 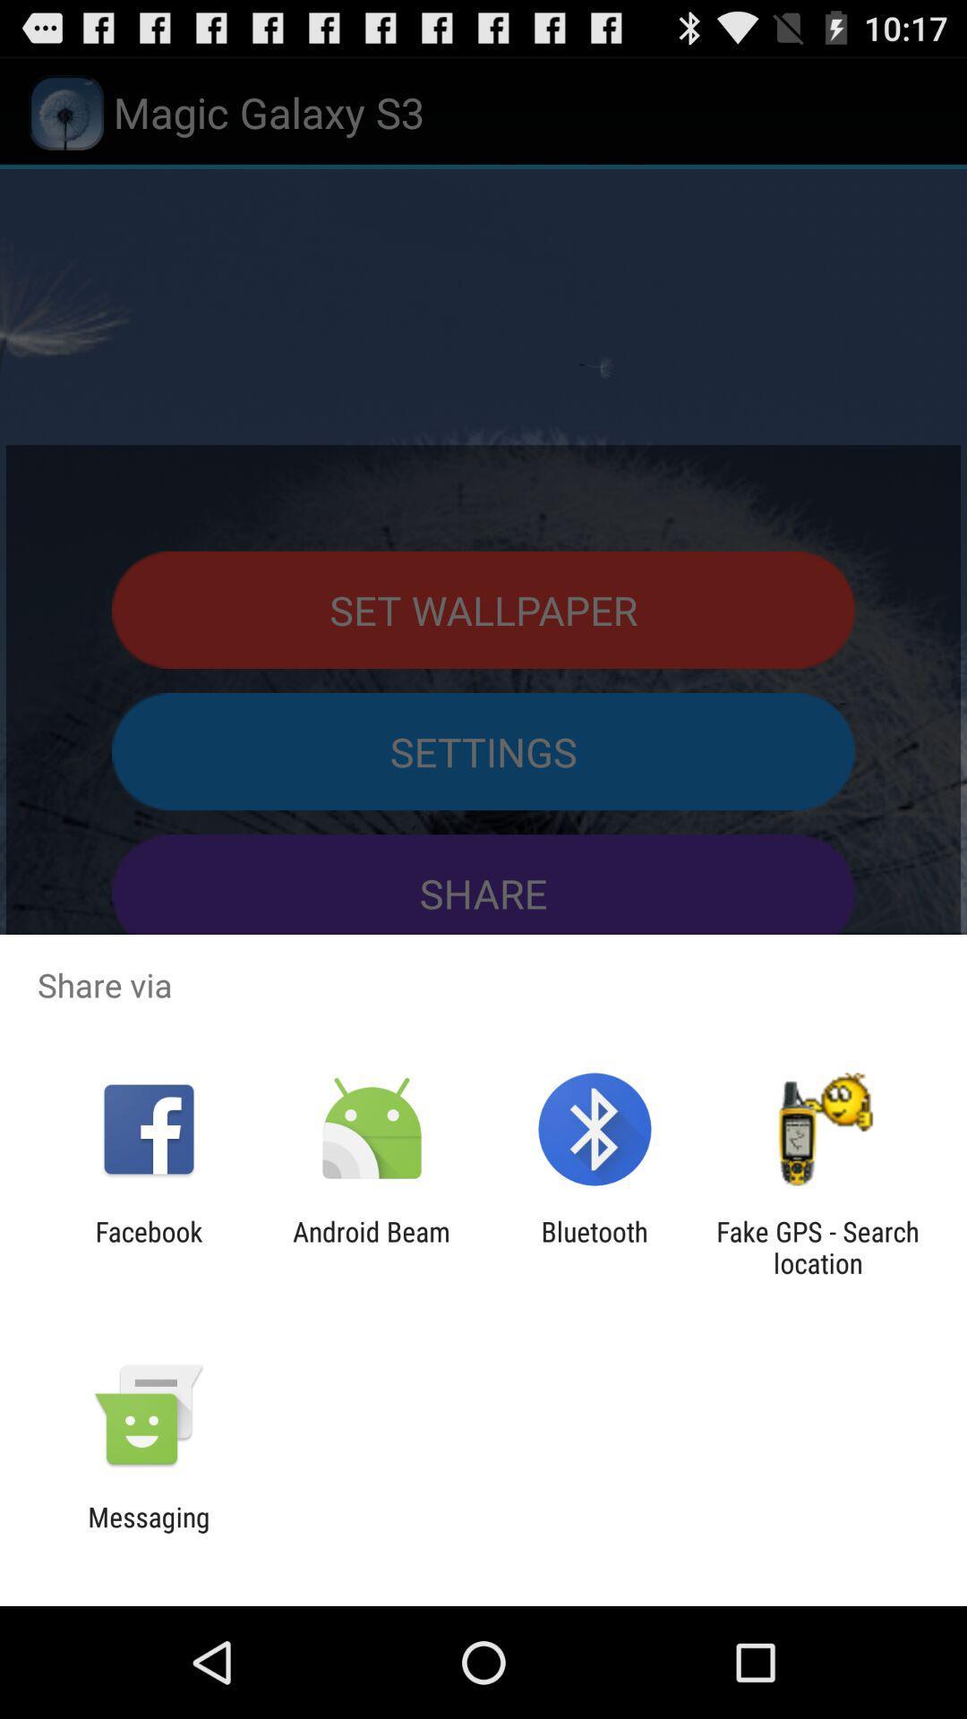 What do you see at coordinates (595, 1246) in the screenshot?
I see `bluetooth item` at bounding box center [595, 1246].